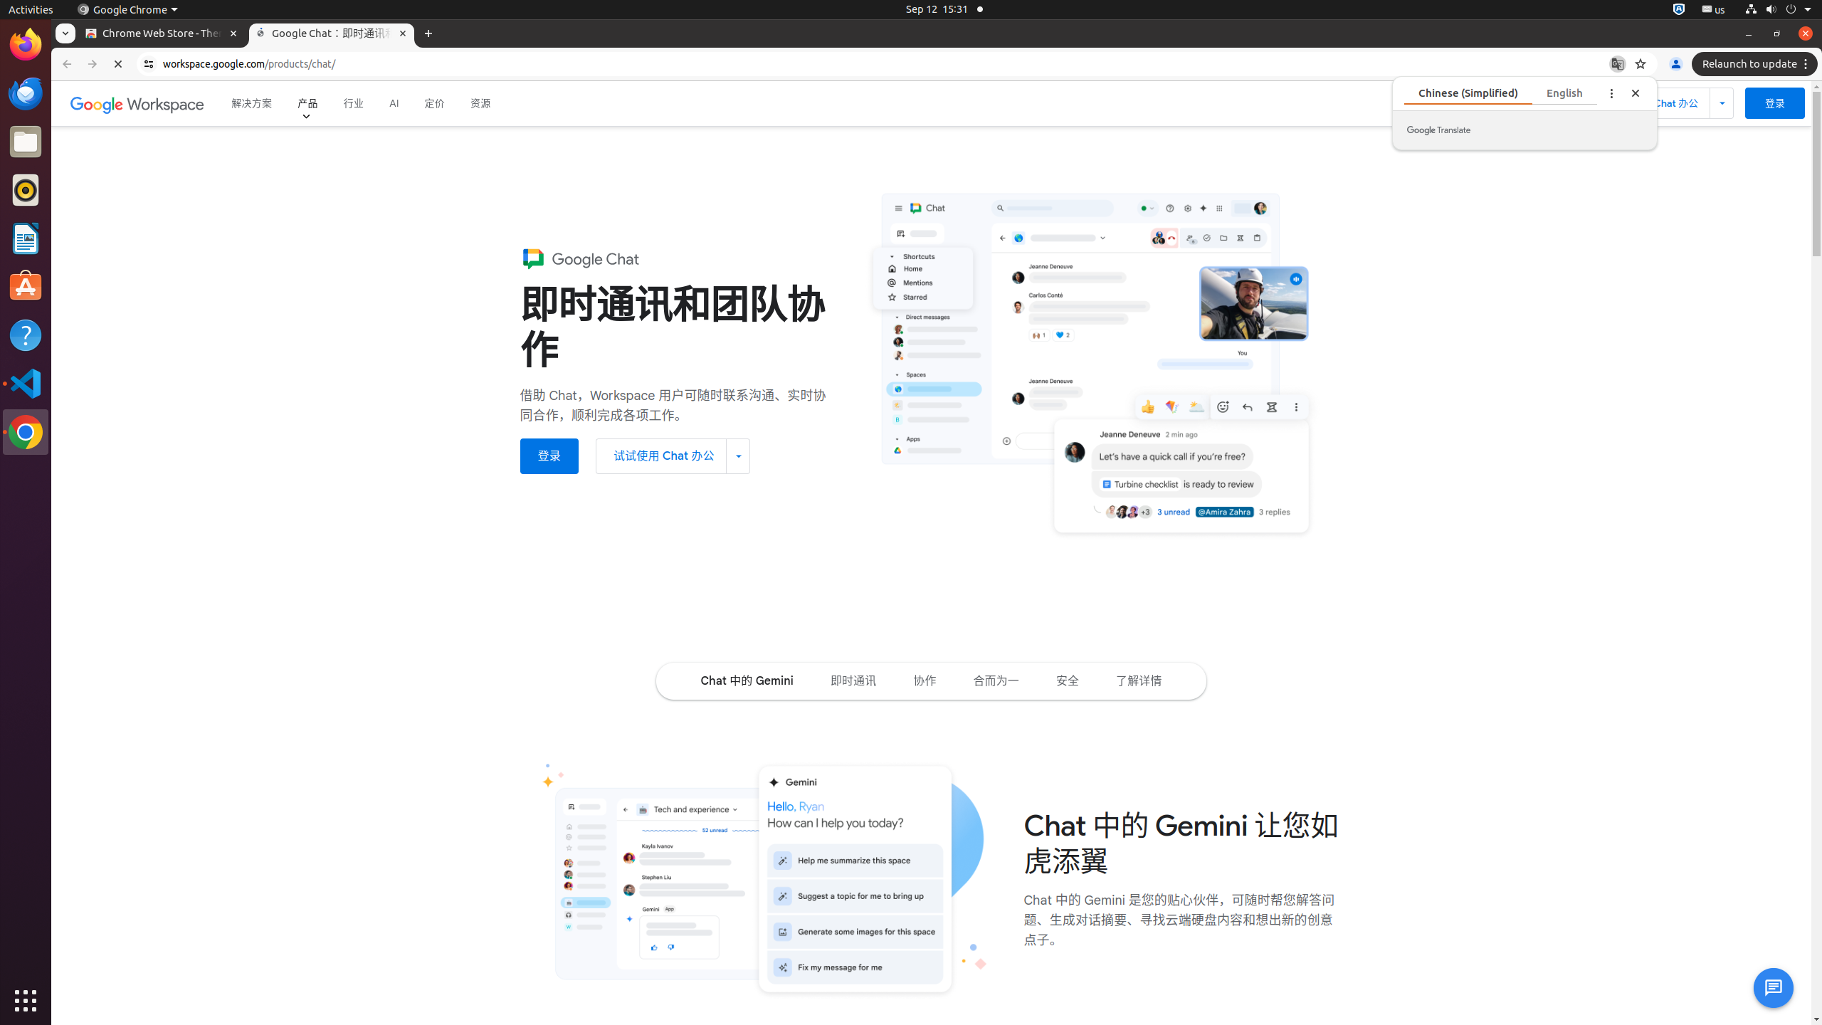 This screenshot has width=1822, height=1025. Describe the element at coordinates (925, 680) in the screenshot. I see `'跳至本页面的“协作”部分'` at that location.